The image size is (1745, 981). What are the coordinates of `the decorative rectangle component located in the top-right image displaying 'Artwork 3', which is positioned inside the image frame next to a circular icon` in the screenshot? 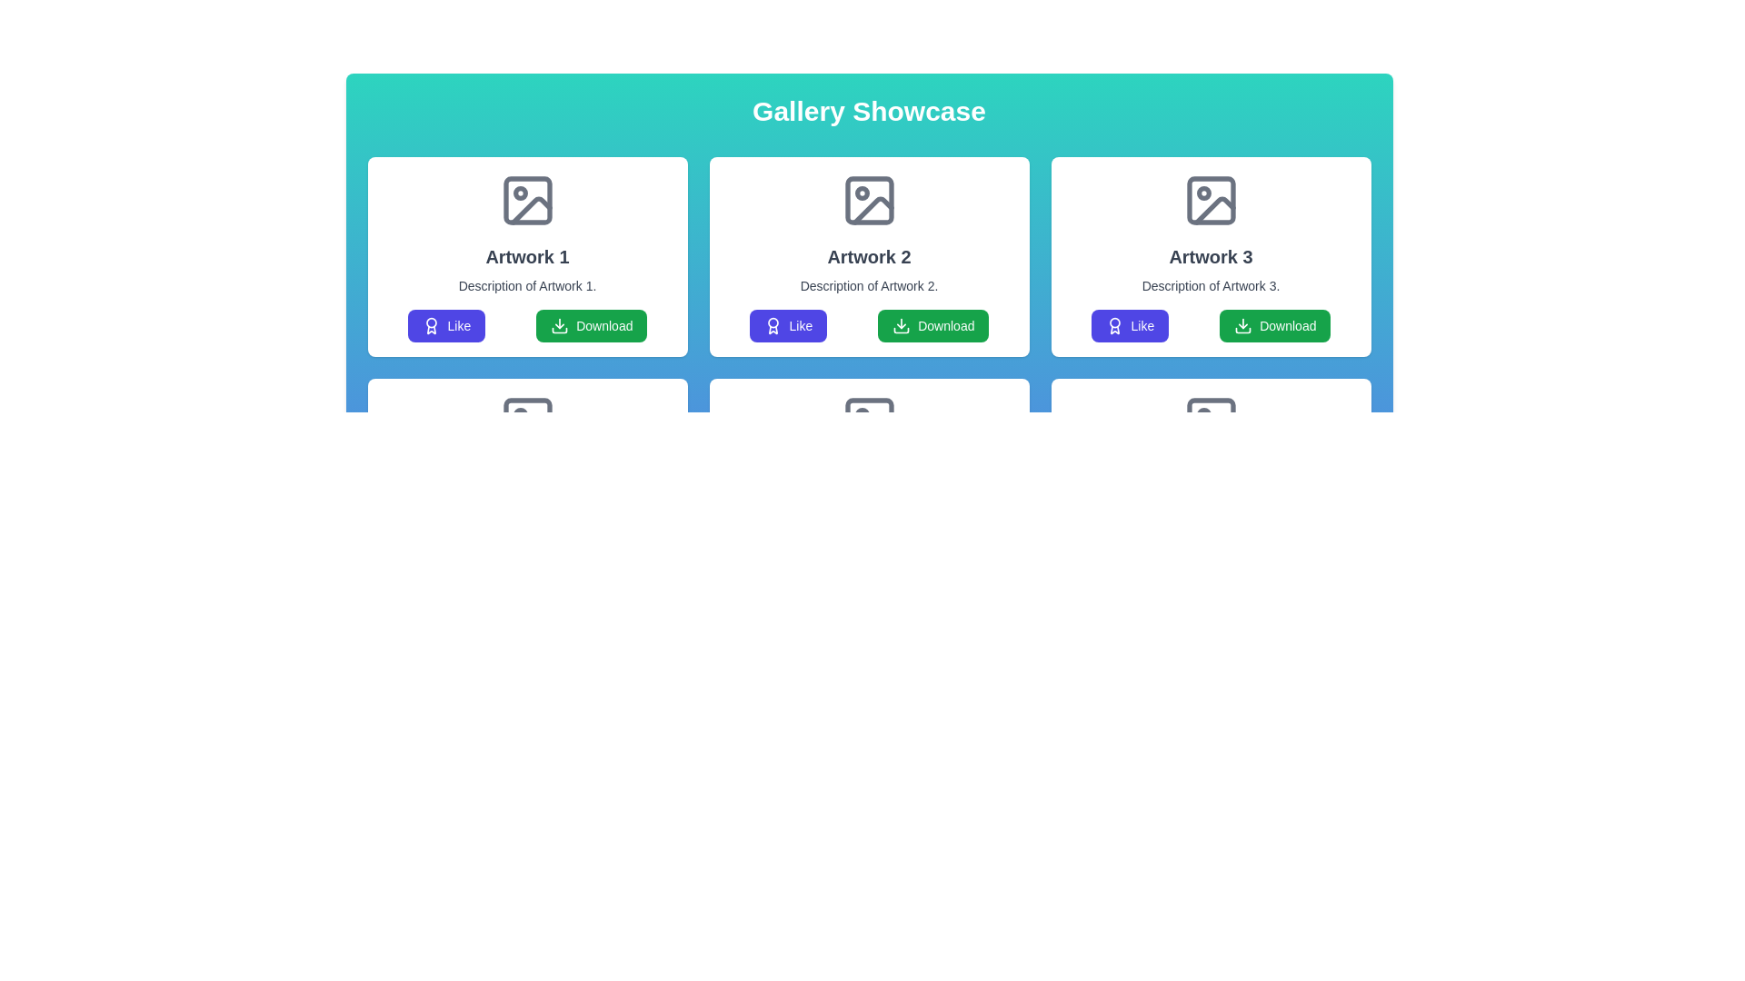 It's located at (1211, 200).